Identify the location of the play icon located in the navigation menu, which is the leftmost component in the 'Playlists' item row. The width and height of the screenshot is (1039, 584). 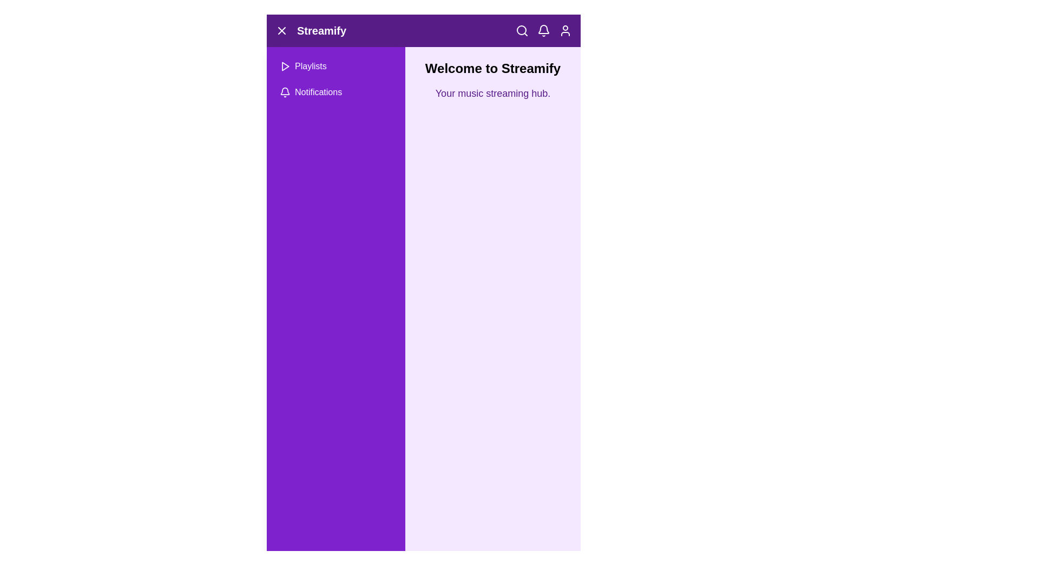
(285, 67).